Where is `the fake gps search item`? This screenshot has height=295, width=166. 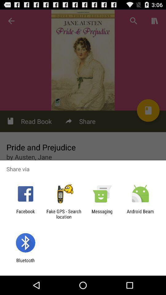 the fake gps search item is located at coordinates (63, 214).